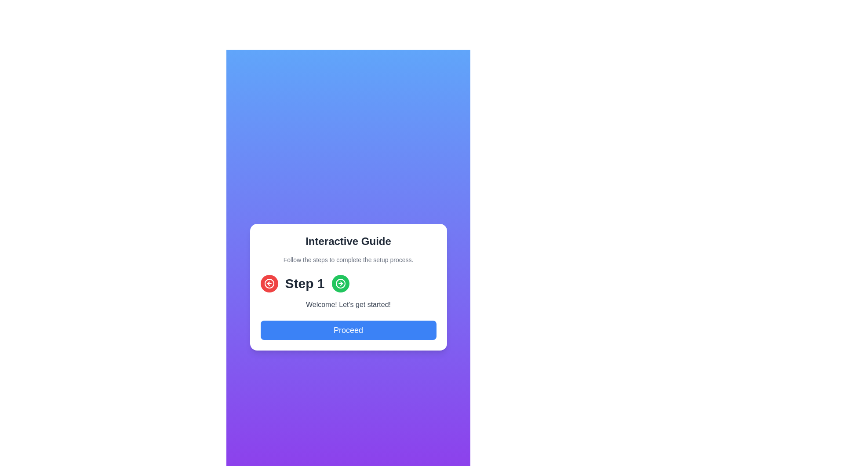 This screenshot has height=475, width=844. What do you see at coordinates (348, 287) in the screenshot?
I see `information presented in the 'Interactive Guide' card that contains a welcoming message and a step indicator` at bounding box center [348, 287].